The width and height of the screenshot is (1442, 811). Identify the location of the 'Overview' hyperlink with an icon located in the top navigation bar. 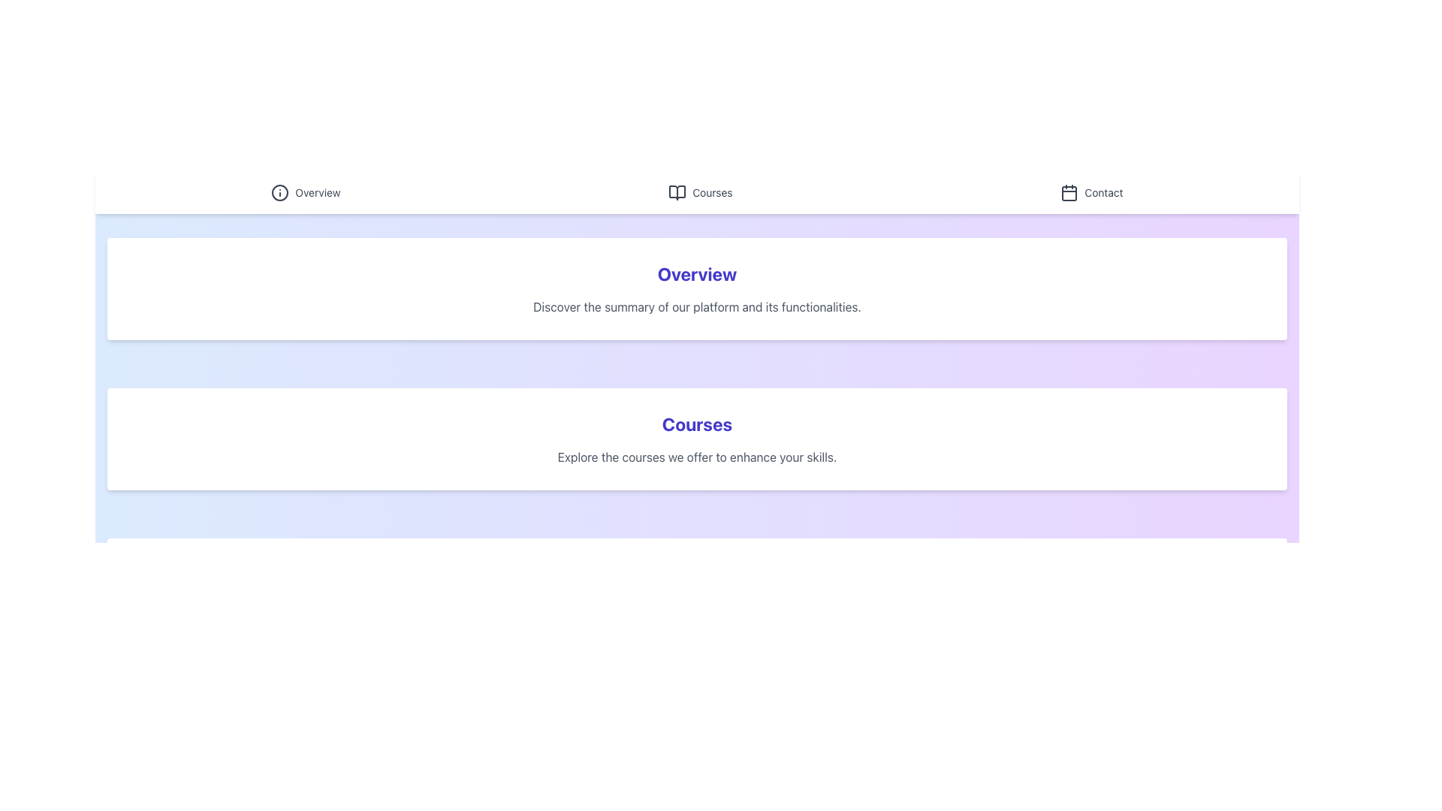
(305, 192).